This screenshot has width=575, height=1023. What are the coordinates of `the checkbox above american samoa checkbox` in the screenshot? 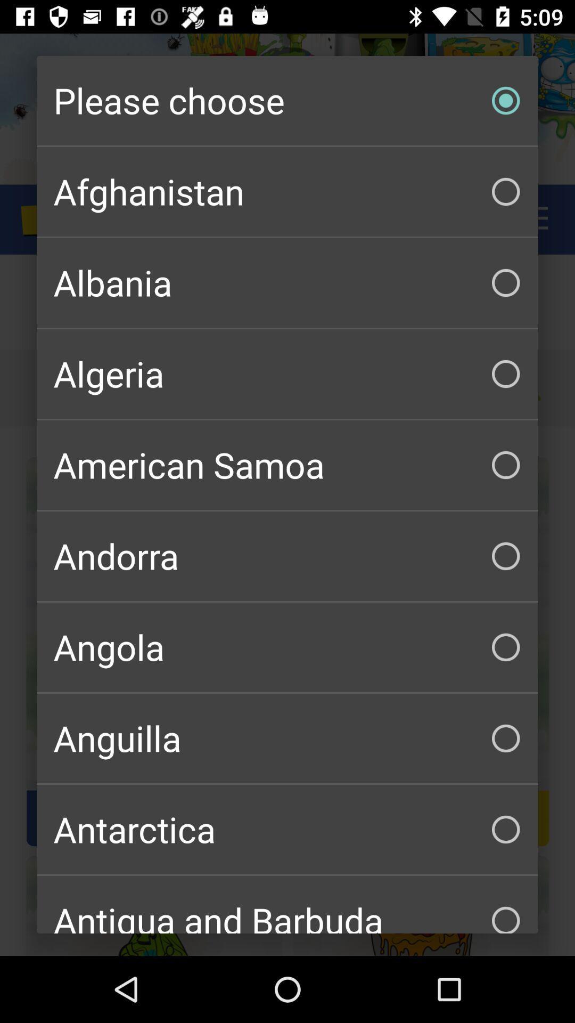 It's located at (287, 374).